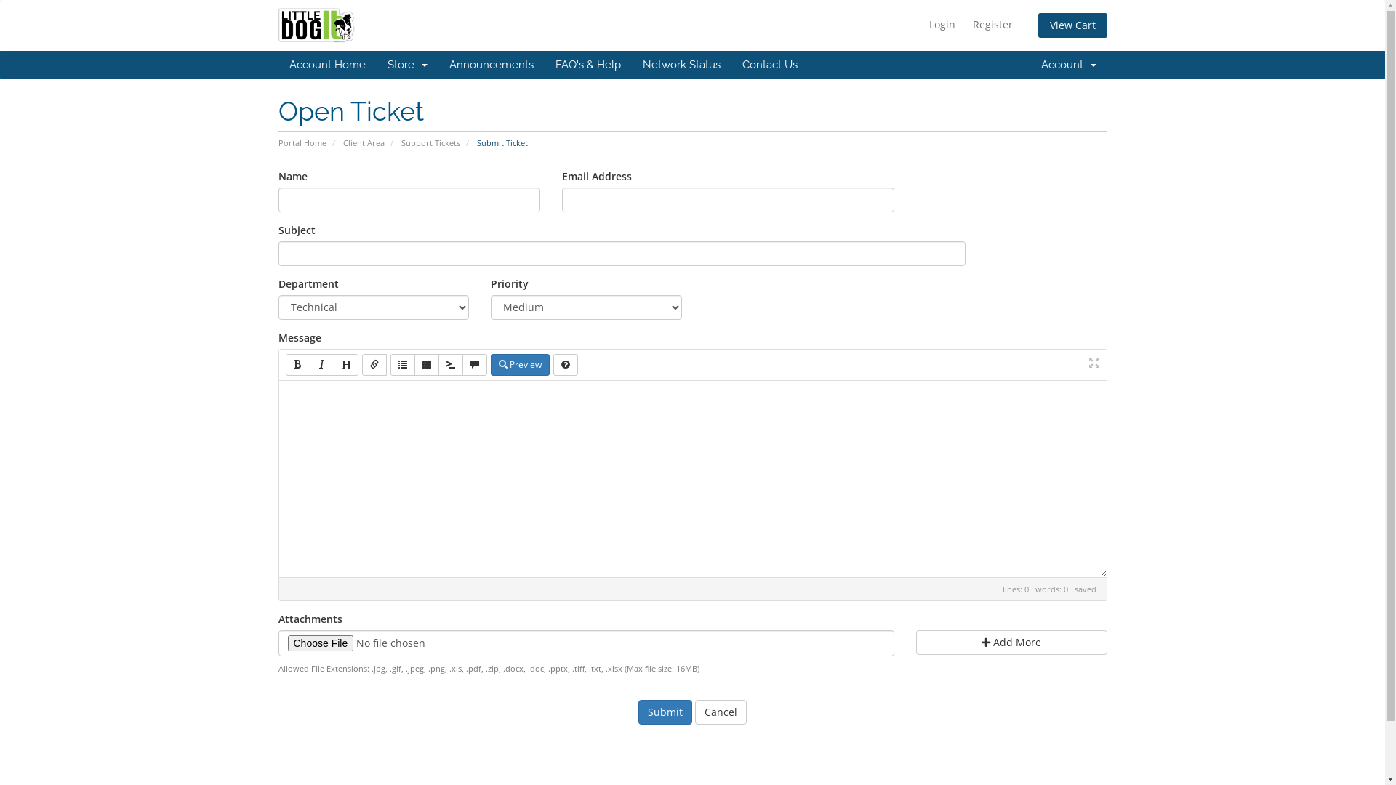 The height and width of the screenshot is (785, 1396). Describe the element at coordinates (278, 63) in the screenshot. I see `'Account Home'` at that location.